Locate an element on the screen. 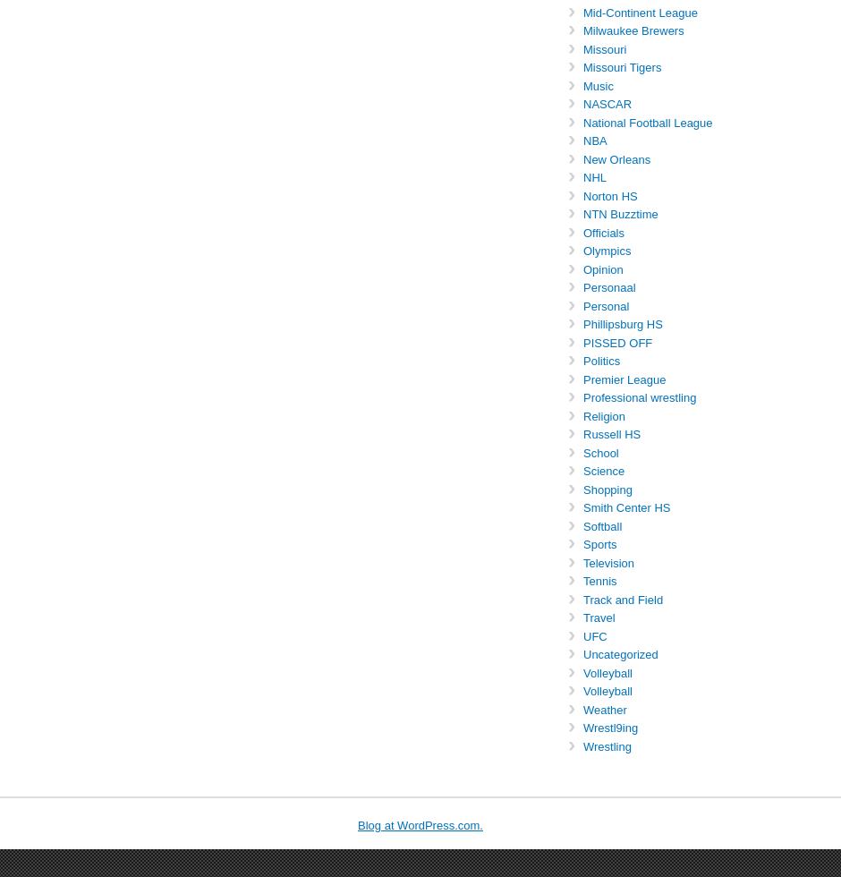  'Uncategorized' is located at coordinates (619, 654).